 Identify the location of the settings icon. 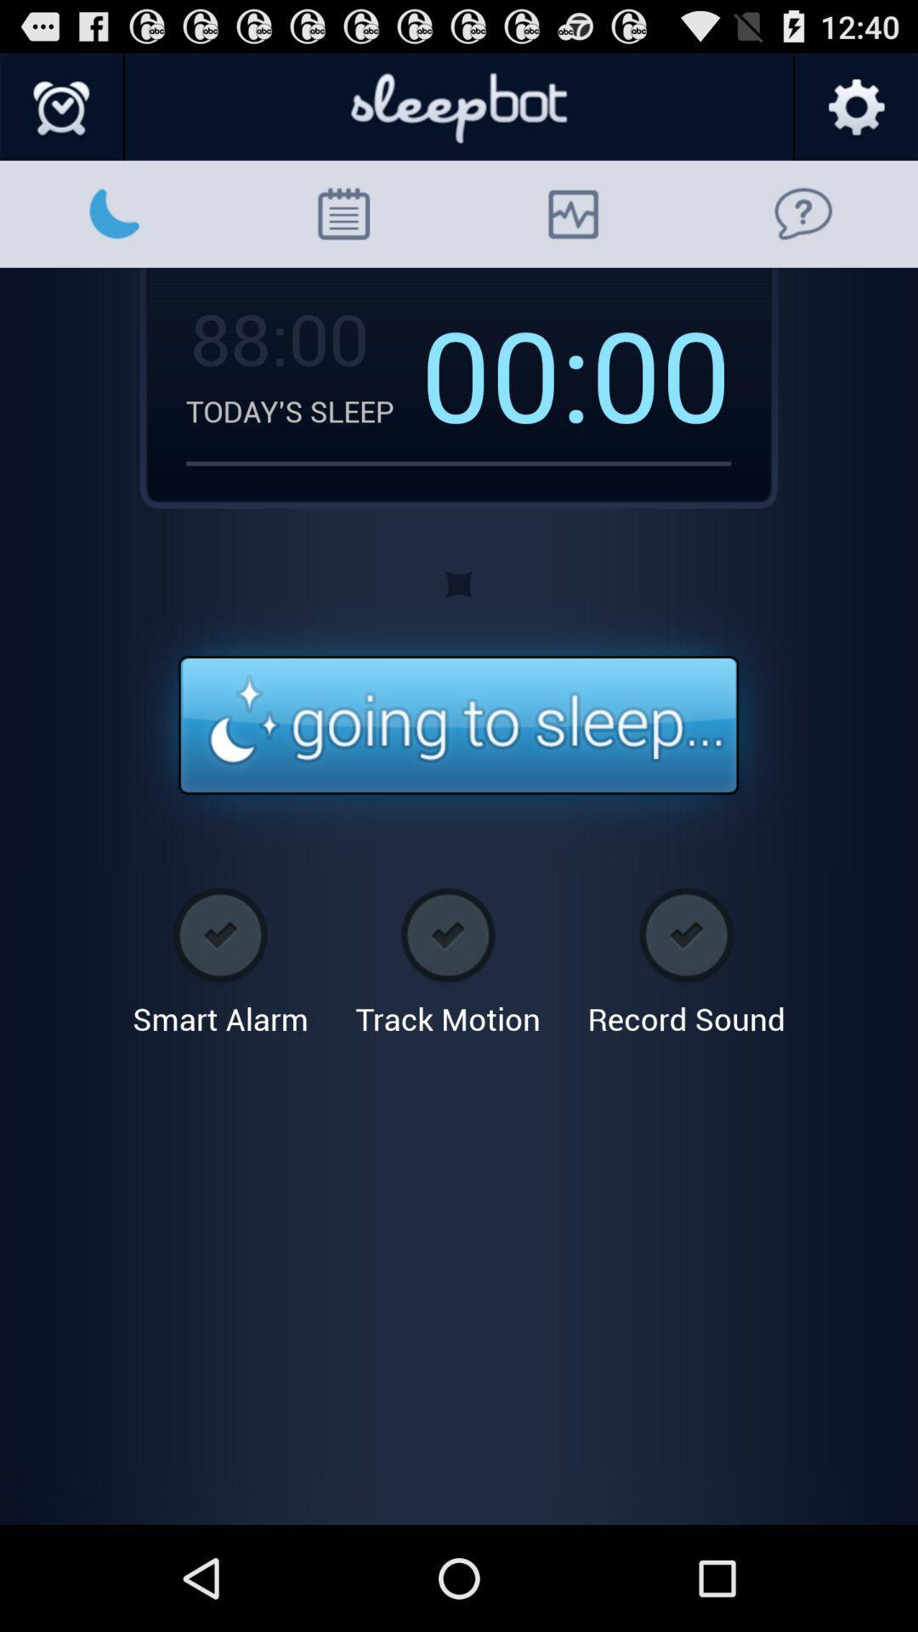
(855, 115).